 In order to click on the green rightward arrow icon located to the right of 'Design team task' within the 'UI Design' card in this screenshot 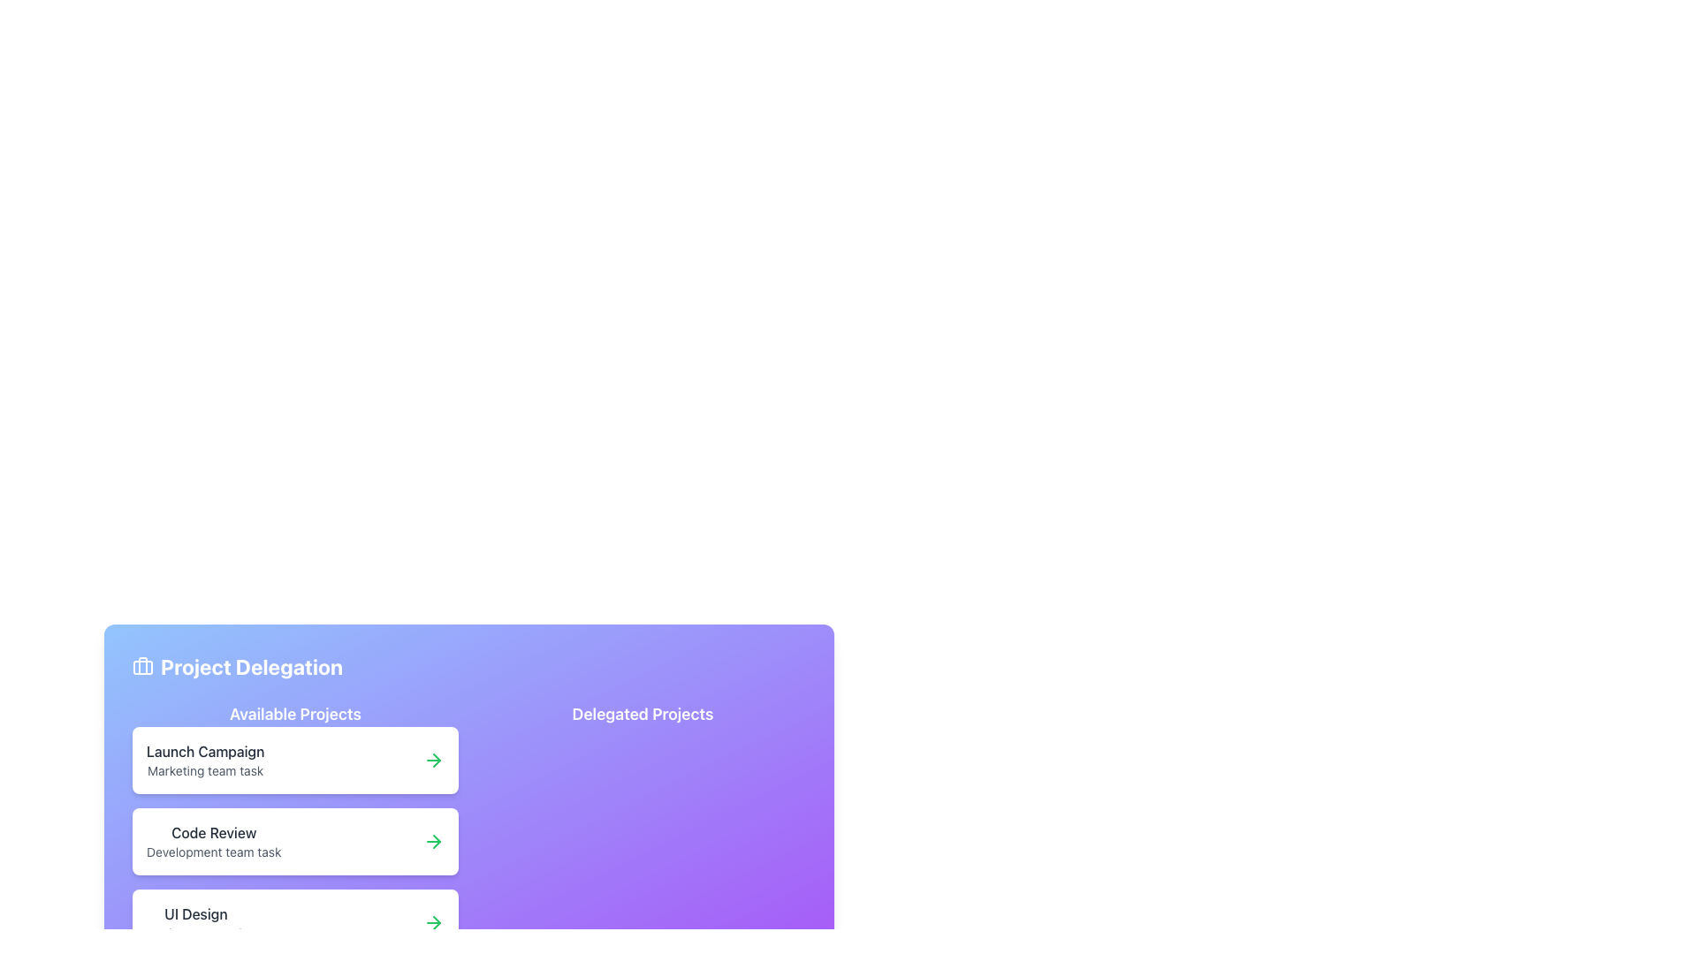, I will do `click(433, 922)`.